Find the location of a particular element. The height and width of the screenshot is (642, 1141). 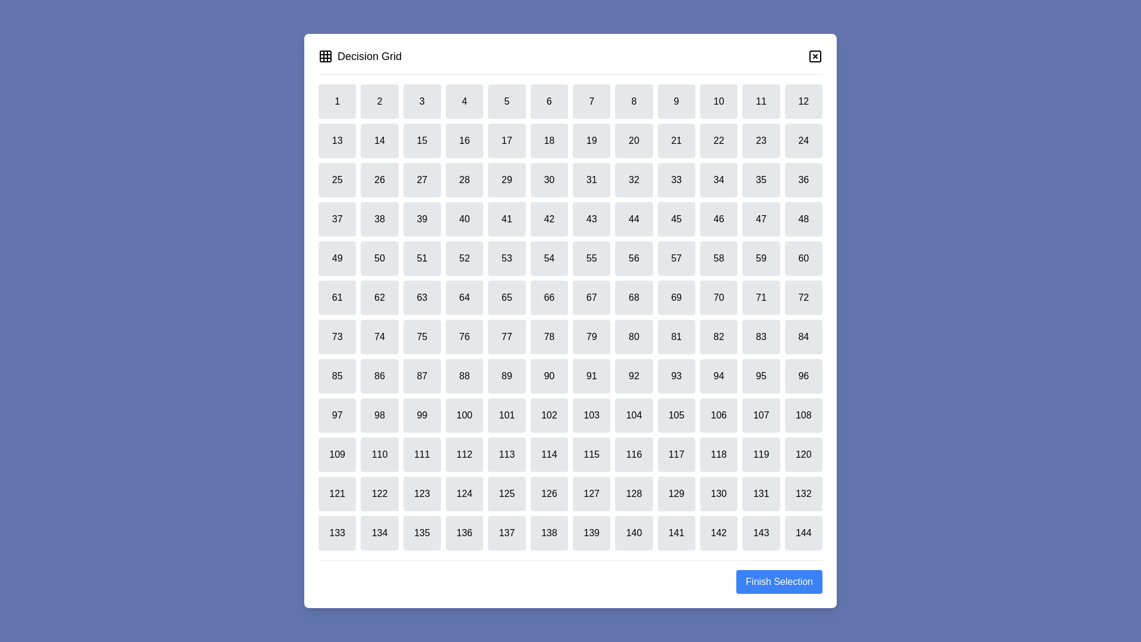

the close button (X) in the header to close the dialog is located at coordinates (815, 56).